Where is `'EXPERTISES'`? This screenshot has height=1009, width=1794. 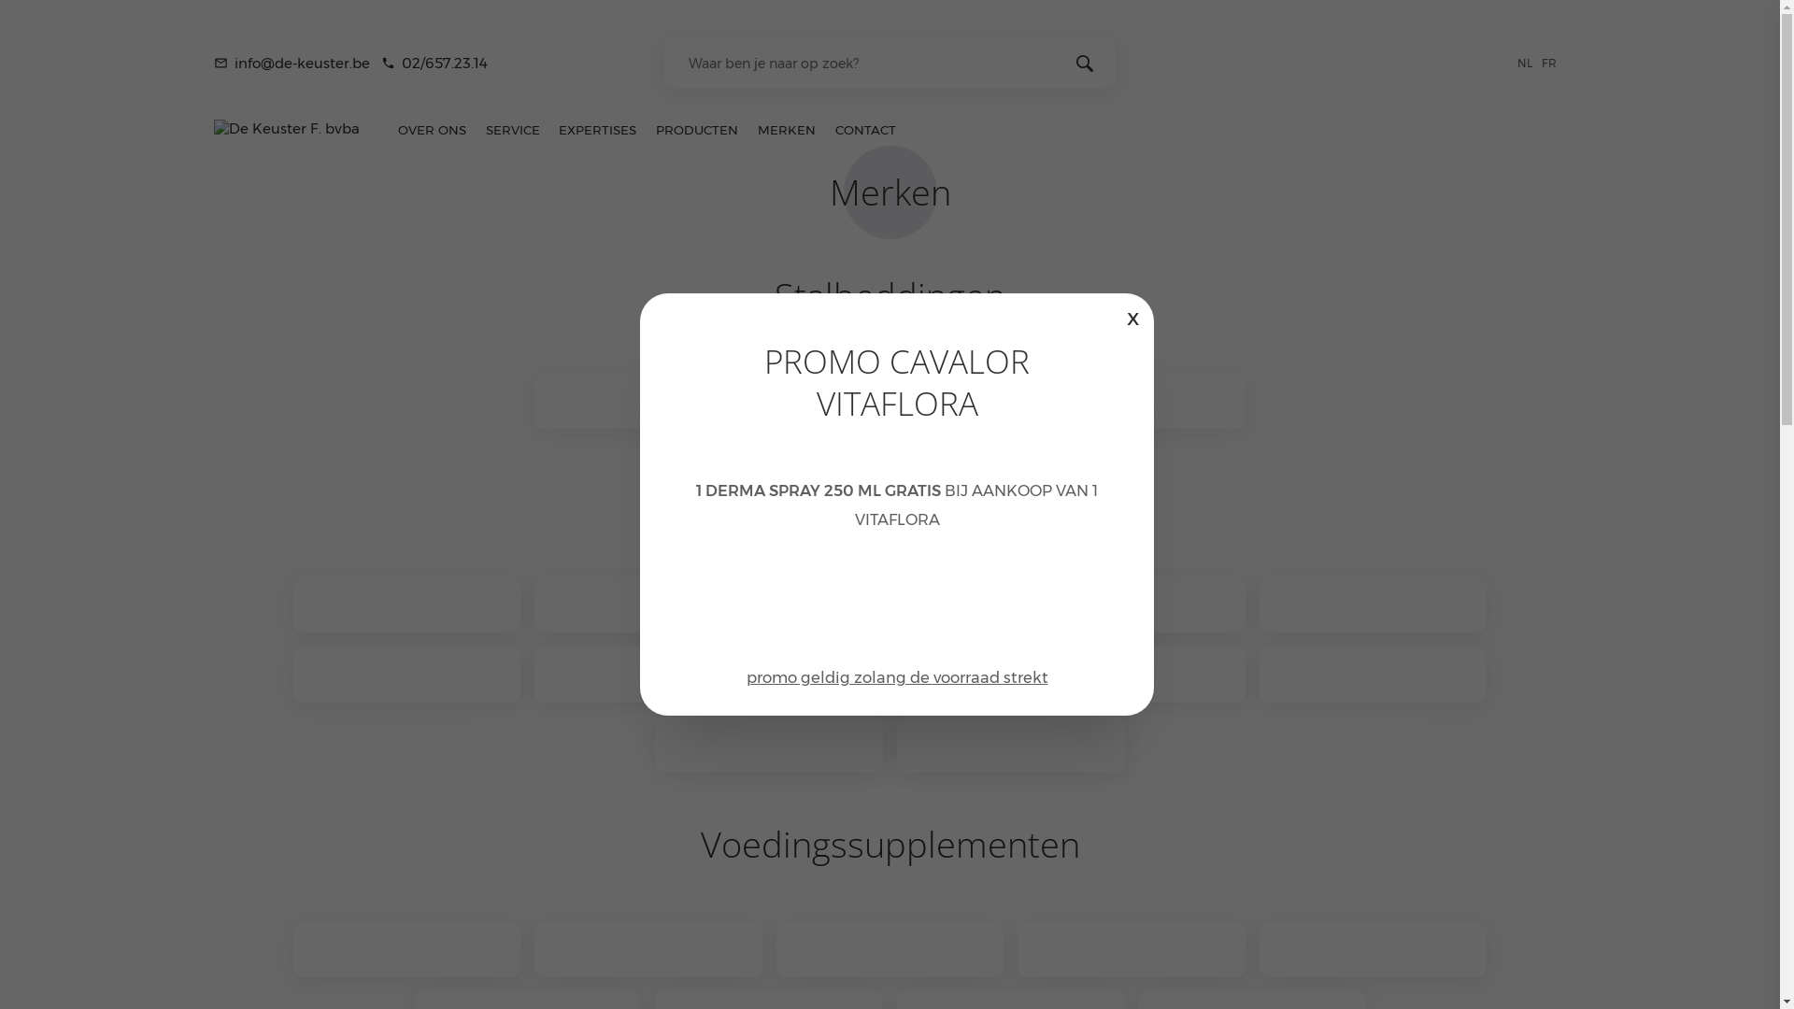 'EXPERTISES' is located at coordinates (596, 128).